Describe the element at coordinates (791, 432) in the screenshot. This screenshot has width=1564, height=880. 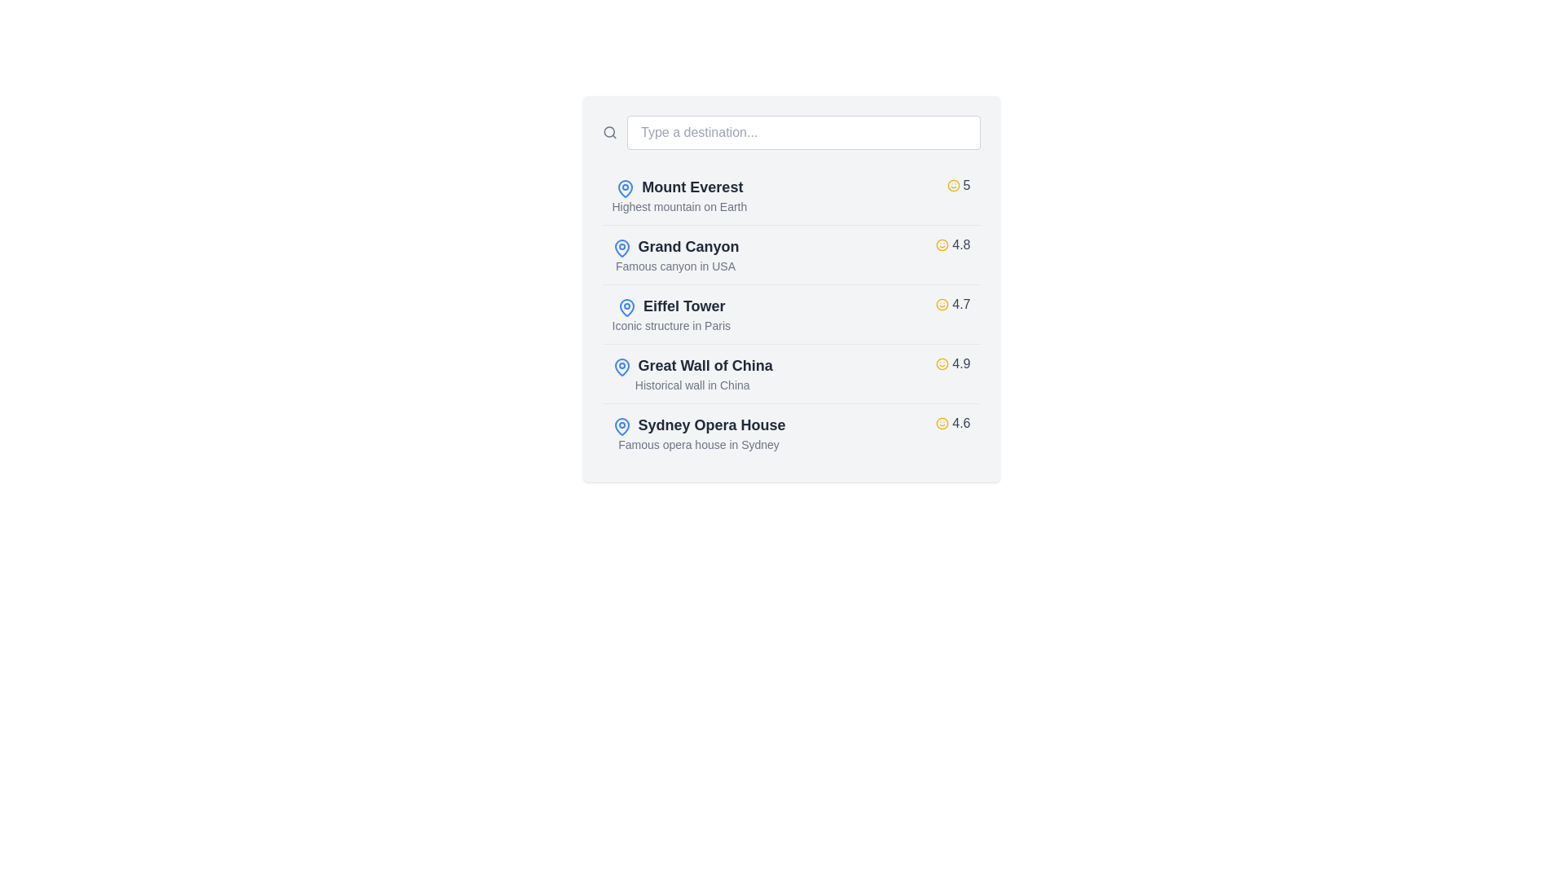
I see `the fifth item in the vertical list that provides information about the Sydney Opera House` at that location.